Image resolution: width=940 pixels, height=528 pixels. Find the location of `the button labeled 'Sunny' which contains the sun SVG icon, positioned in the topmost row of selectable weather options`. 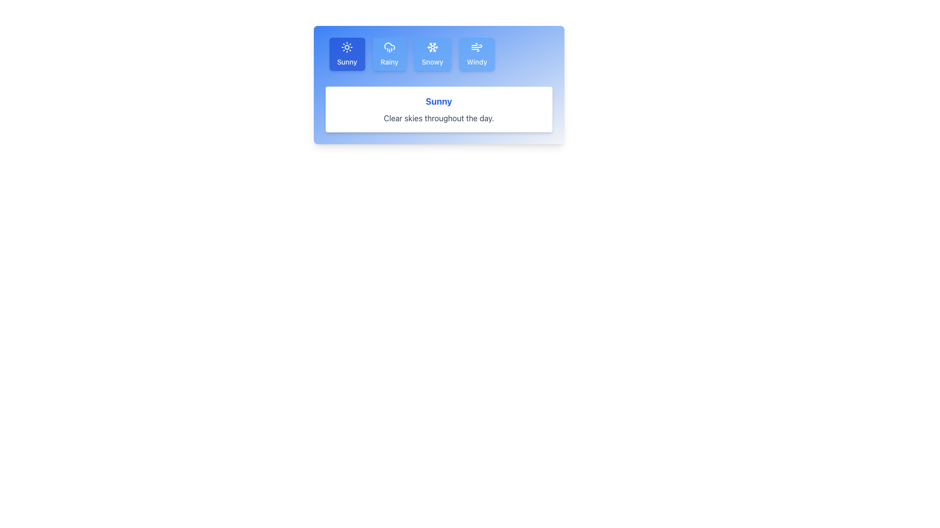

the button labeled 'Sunny' which contains the sun SVG icon, positioned in the topmost row of selectable weather options is located at coordinates (347, 47).